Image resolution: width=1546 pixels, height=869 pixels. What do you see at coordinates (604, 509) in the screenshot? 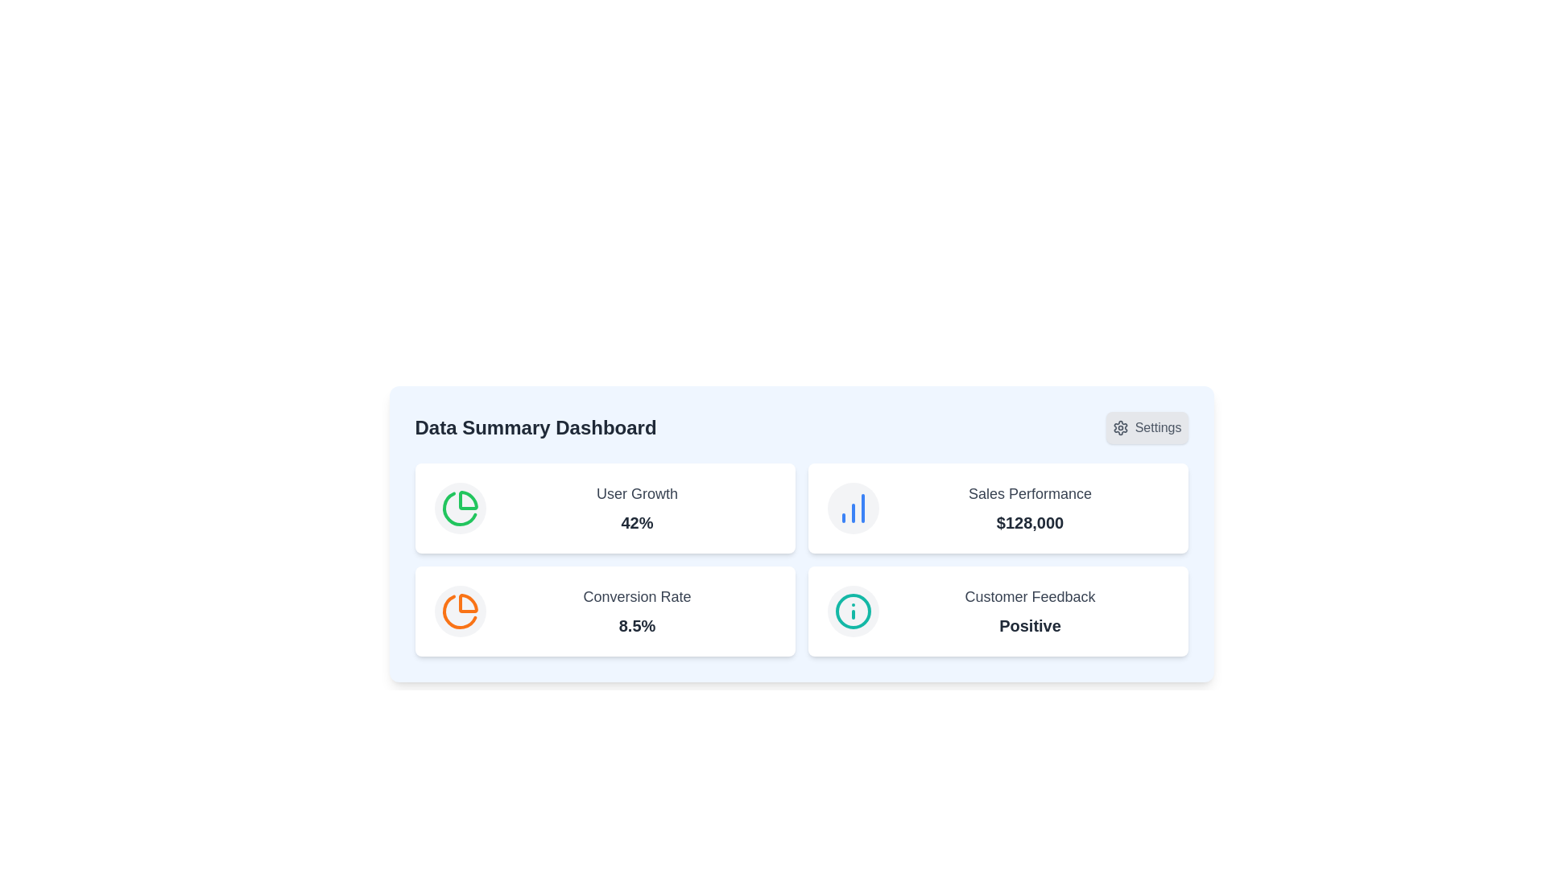
I see `the user growth metric displayed on the Dashboard Card located in the top-left corner of the grid layout` at bounding box center [604, 509].